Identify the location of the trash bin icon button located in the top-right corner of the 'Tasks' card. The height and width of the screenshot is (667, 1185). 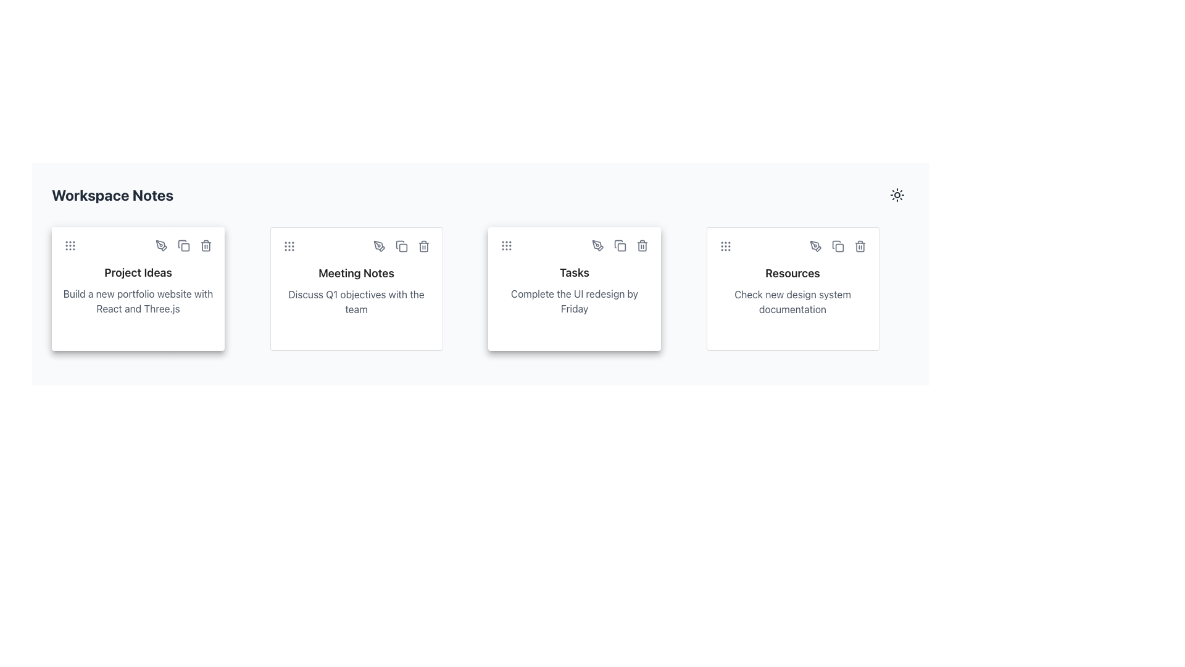
(642, 245).